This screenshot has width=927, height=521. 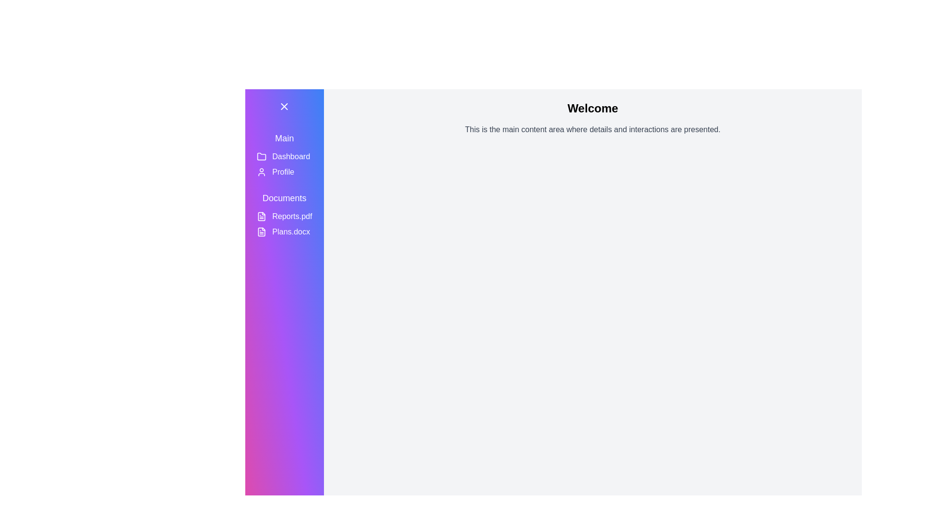 What do you see at coordinates (284, 198) in the screenshot?
I see `the Text Label which serves as a header for the document section, located in the vertical navigation bar to the left, above 'Reports.pdf' and below 'Profile'` at bounding box center [284, 198].